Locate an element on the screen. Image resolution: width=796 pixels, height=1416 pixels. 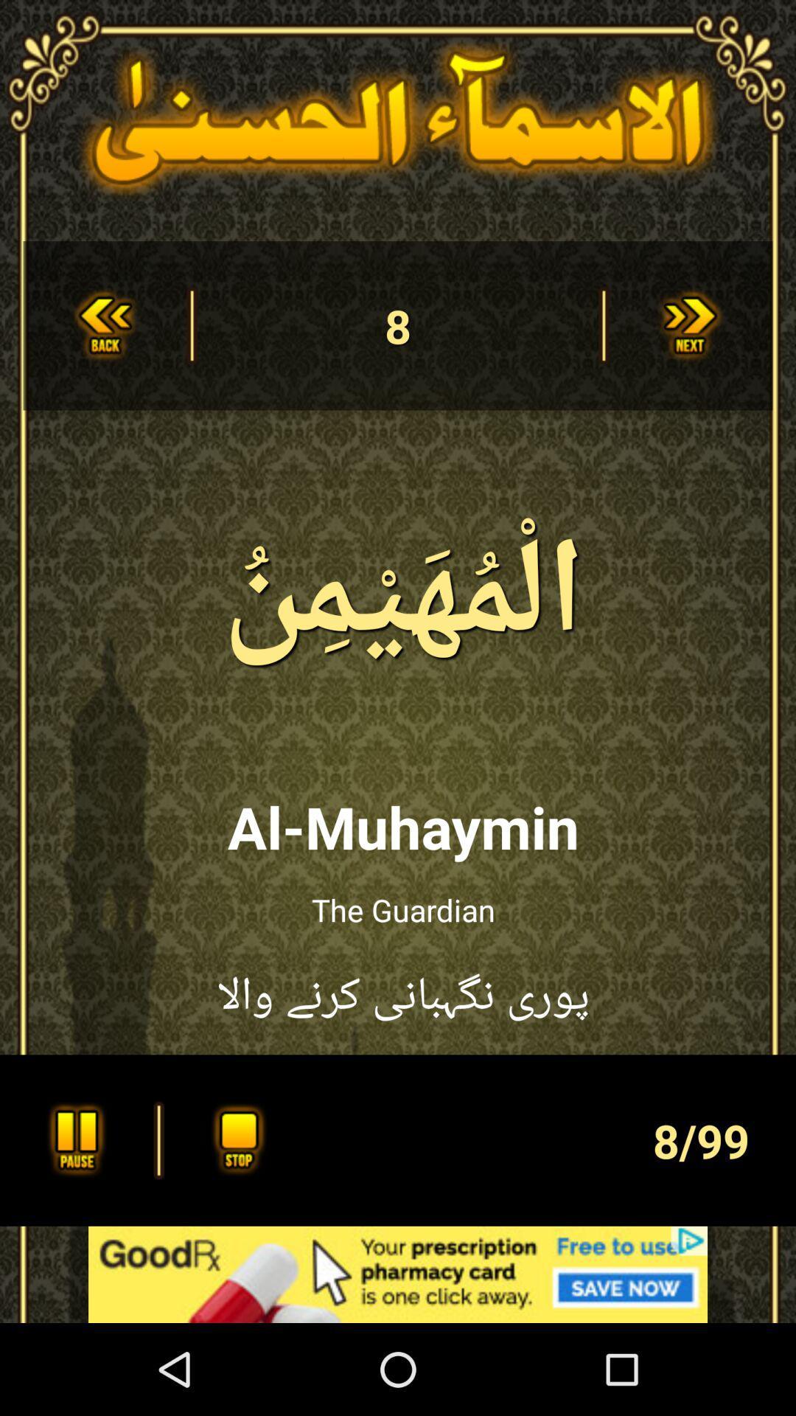
the pause icon is located at coordinates (74, 1221).